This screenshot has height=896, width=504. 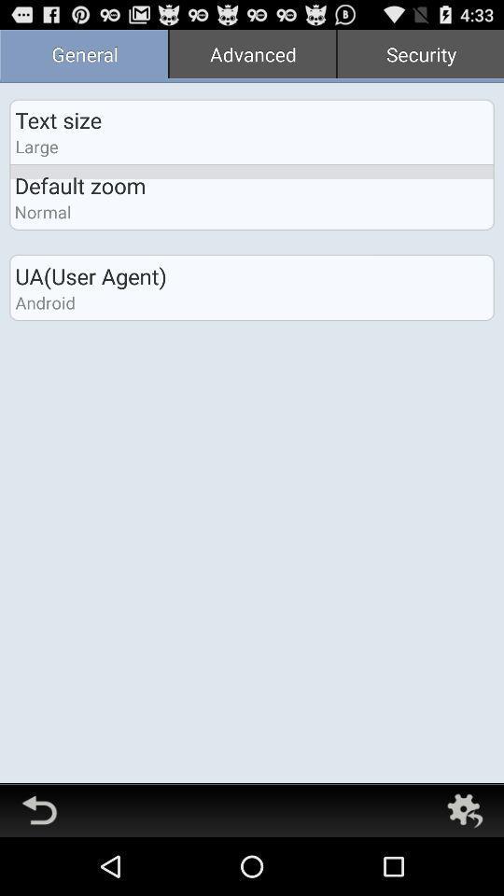 I want to click on settings screen, so click(x=463, y=809).